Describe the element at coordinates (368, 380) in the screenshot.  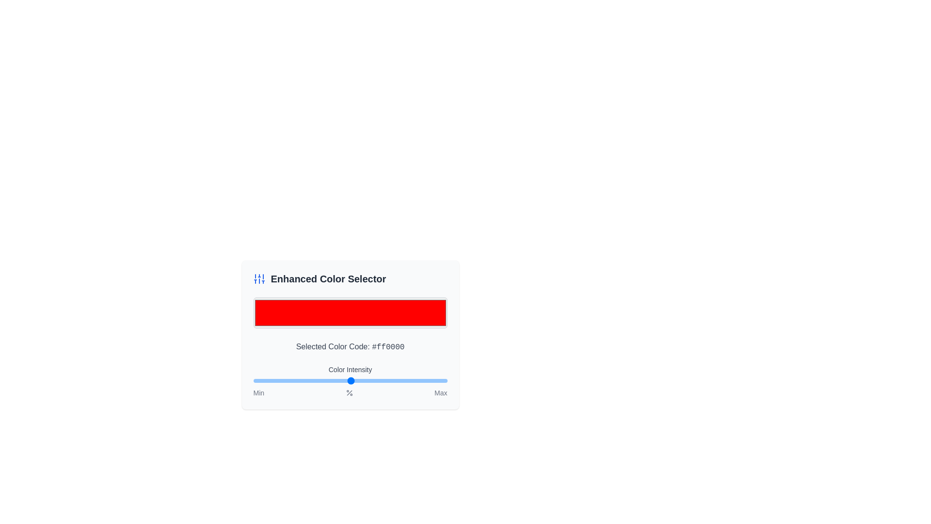
I see `the slider value` at that location.